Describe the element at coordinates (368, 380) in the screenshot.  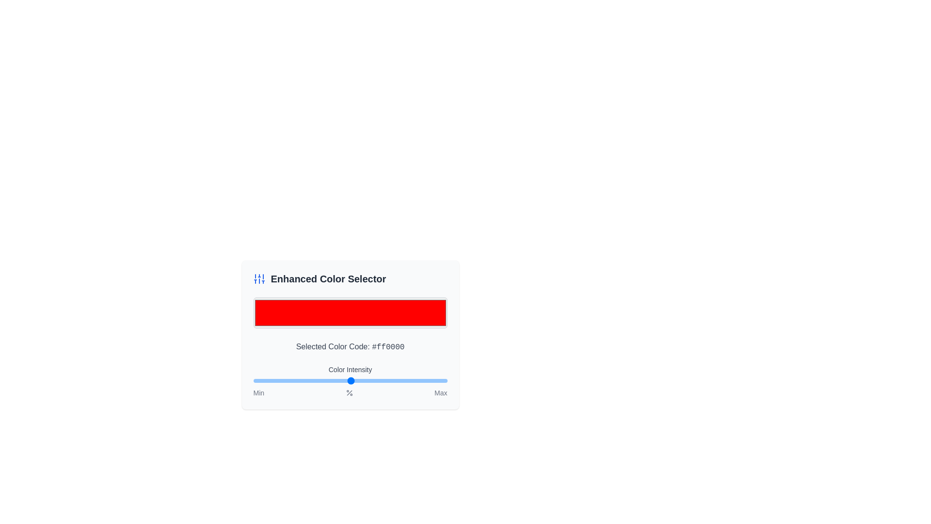
I see `the slider value` at that location.